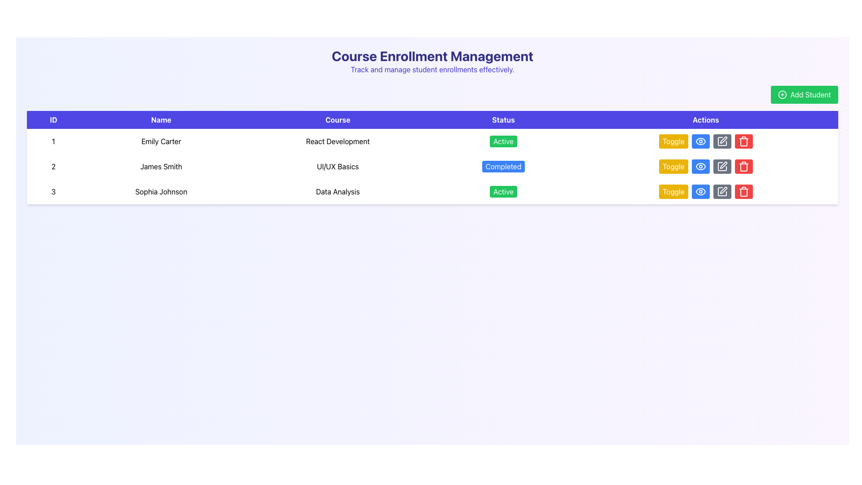 The width and height of the screenshot is (862, 485). I want to click on the Eye Symbol icon located in the 'Actions' cell of the second row in the table, adjacent to the toggle button, so click(700, 166).